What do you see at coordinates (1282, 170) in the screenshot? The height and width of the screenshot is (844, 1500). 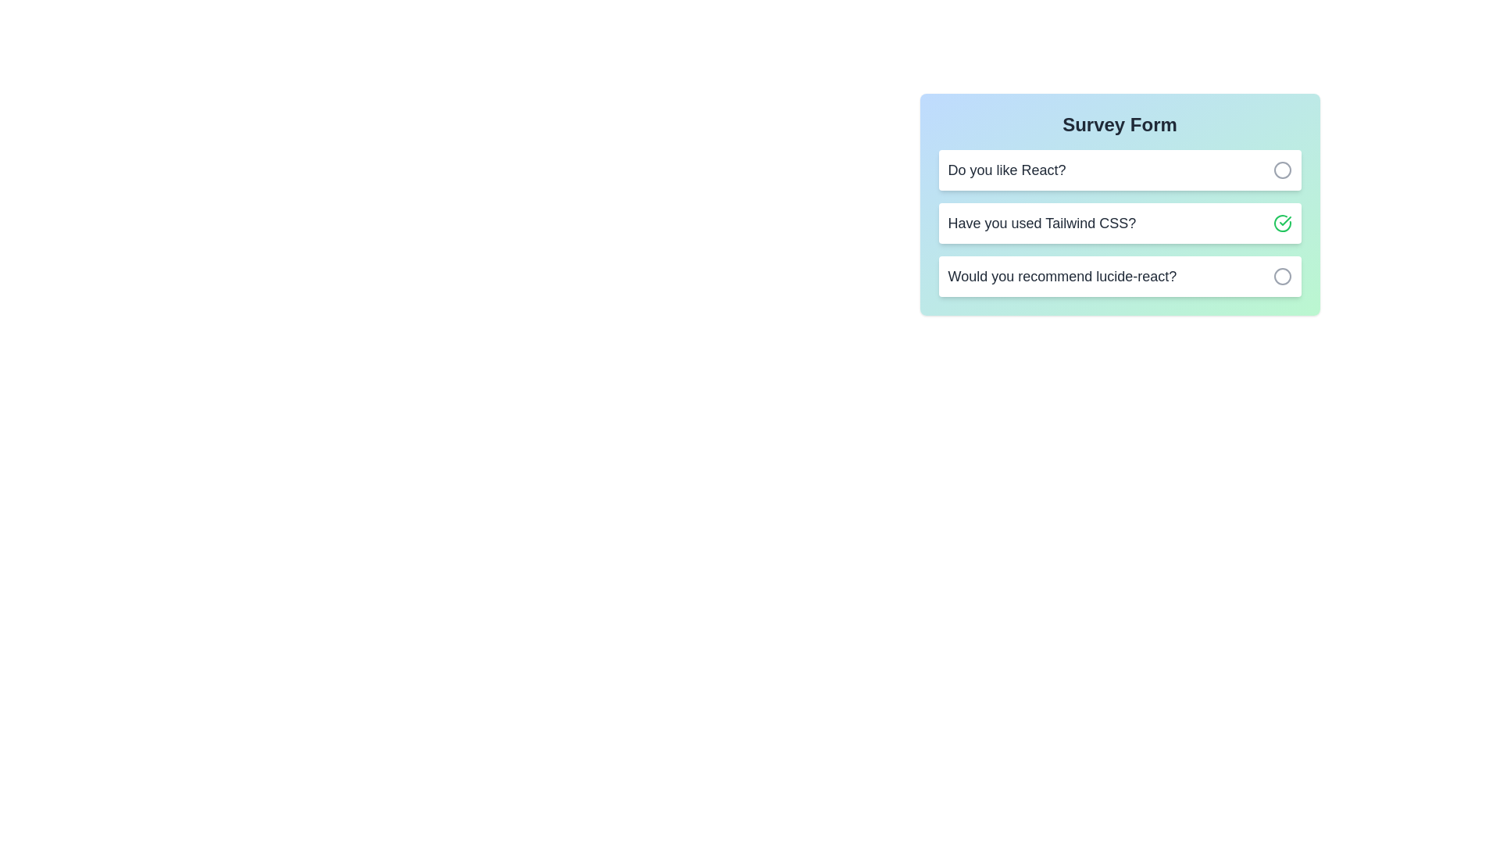 I see `button associated with the question 'Do you like React?' to toggle its selection status` at bounding box center [1282, 170].